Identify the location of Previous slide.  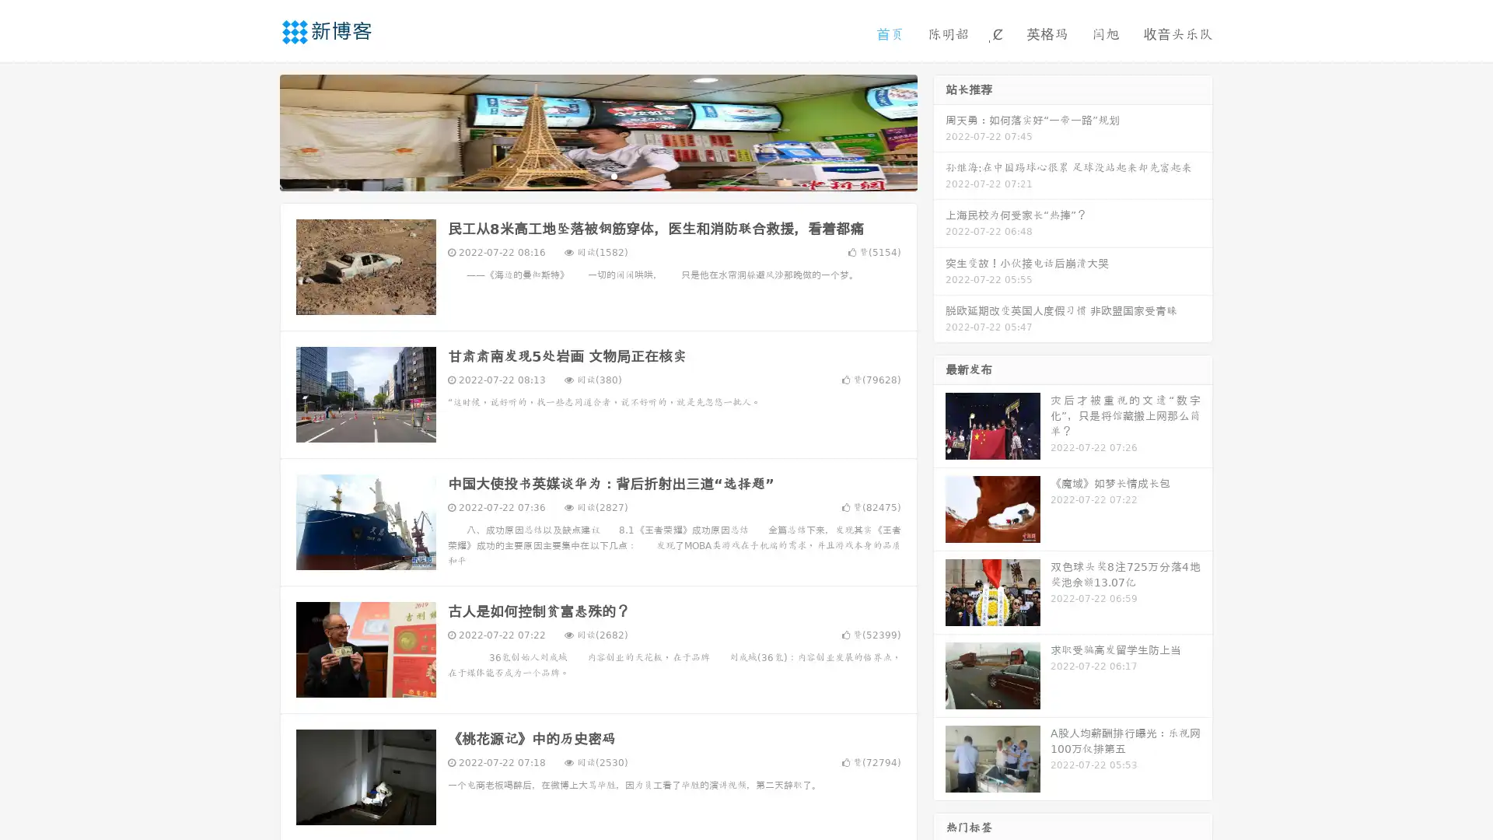
(257, 131).